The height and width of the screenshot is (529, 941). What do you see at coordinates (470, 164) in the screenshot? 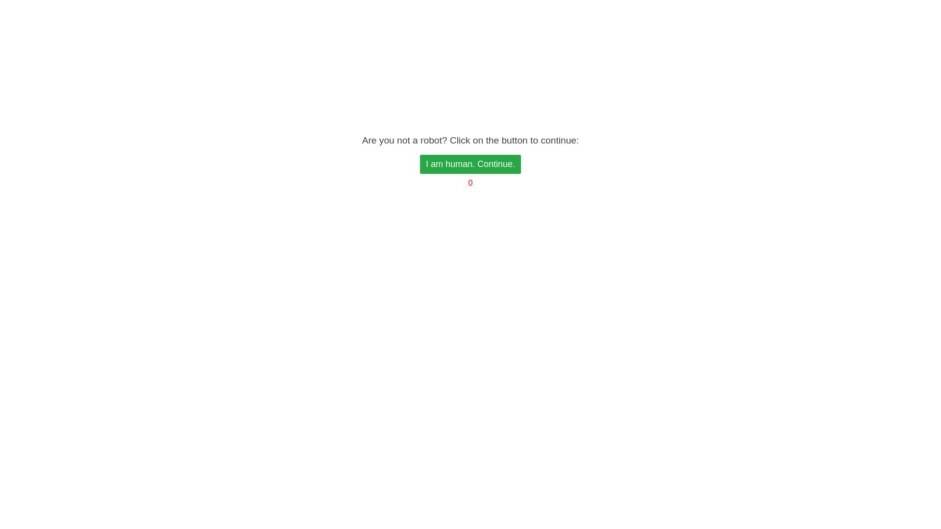
I see `'I am human. Continue.'` at bounding box center [470, 164].